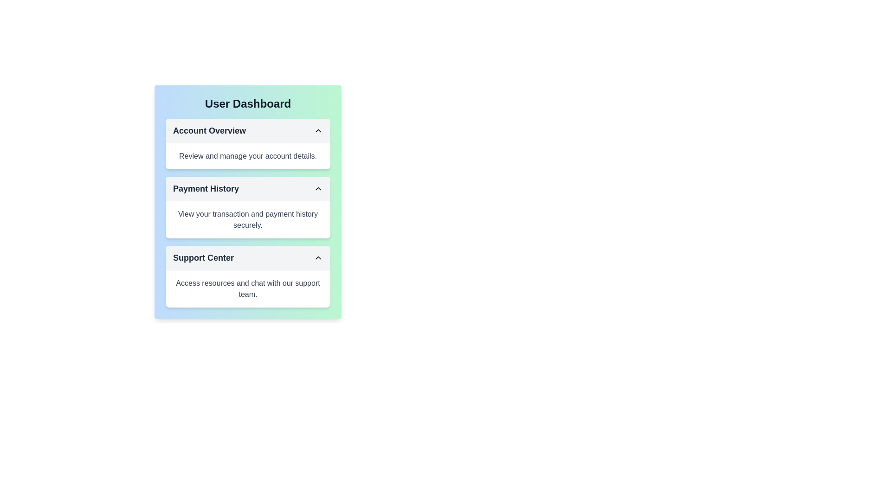  Describe the element at coordinates (318, 130) in the screenshot. I see `the upward-pointing chevron icon located in the top-right corner of the 'Account Overview' section` at that location.